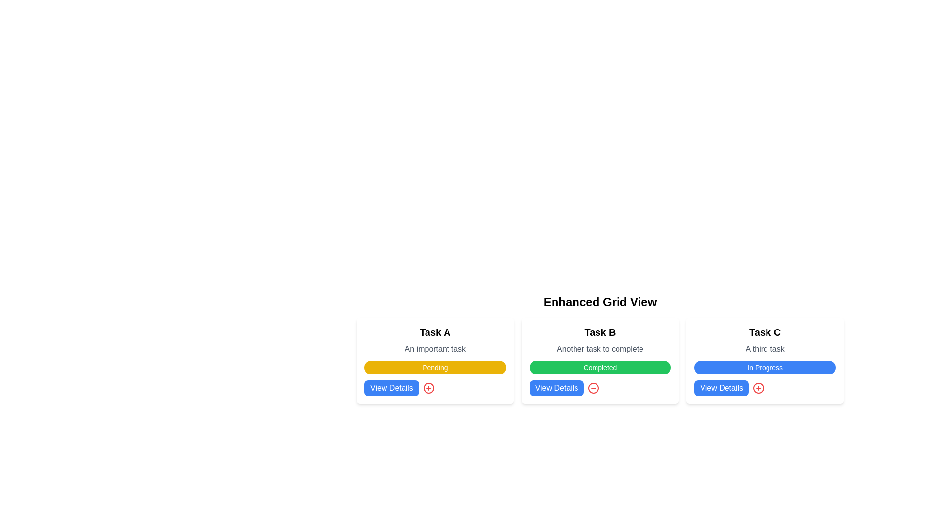 The image size is (938, 528). Describe the element at coordinates (599, 348) in the screenshot. I see `the text label displaying 'Another task to complete', which is styled in a smaller gray font and located below the title 'Task B'` at that location.